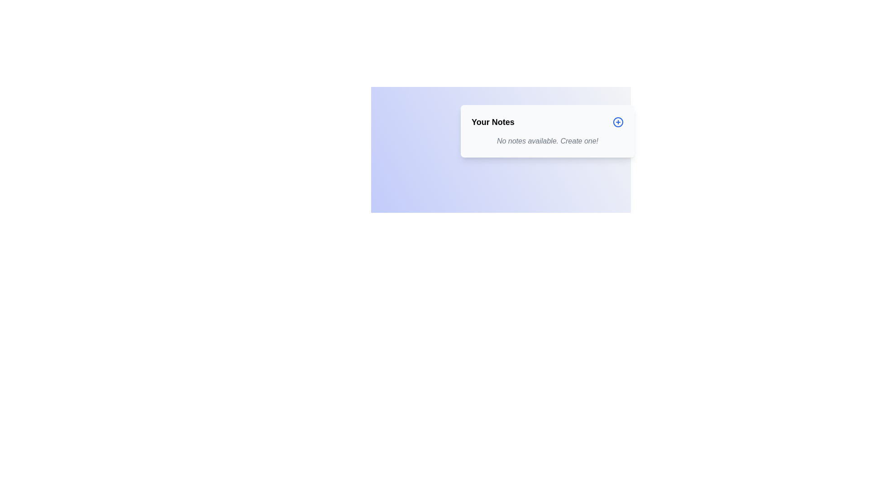 This screenshot has height=489, width=869. Describe the element at coordinates (618, 122) in the screenshot. I see `the SVG Circle element that visually represents an interactive icon for adding or creating new content` at that location.